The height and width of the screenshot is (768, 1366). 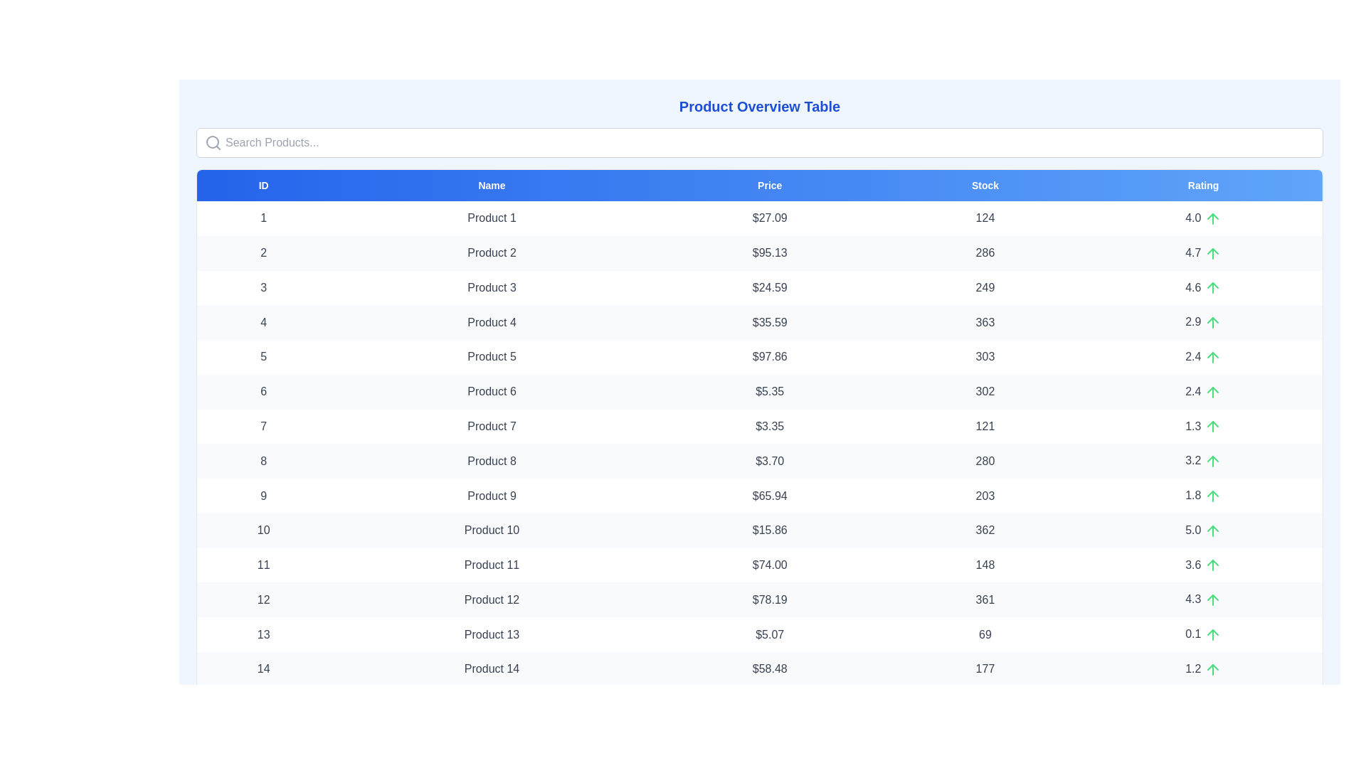 I want to click on the header labeled ID to sort the table by that column, so click(x=263, y=185).